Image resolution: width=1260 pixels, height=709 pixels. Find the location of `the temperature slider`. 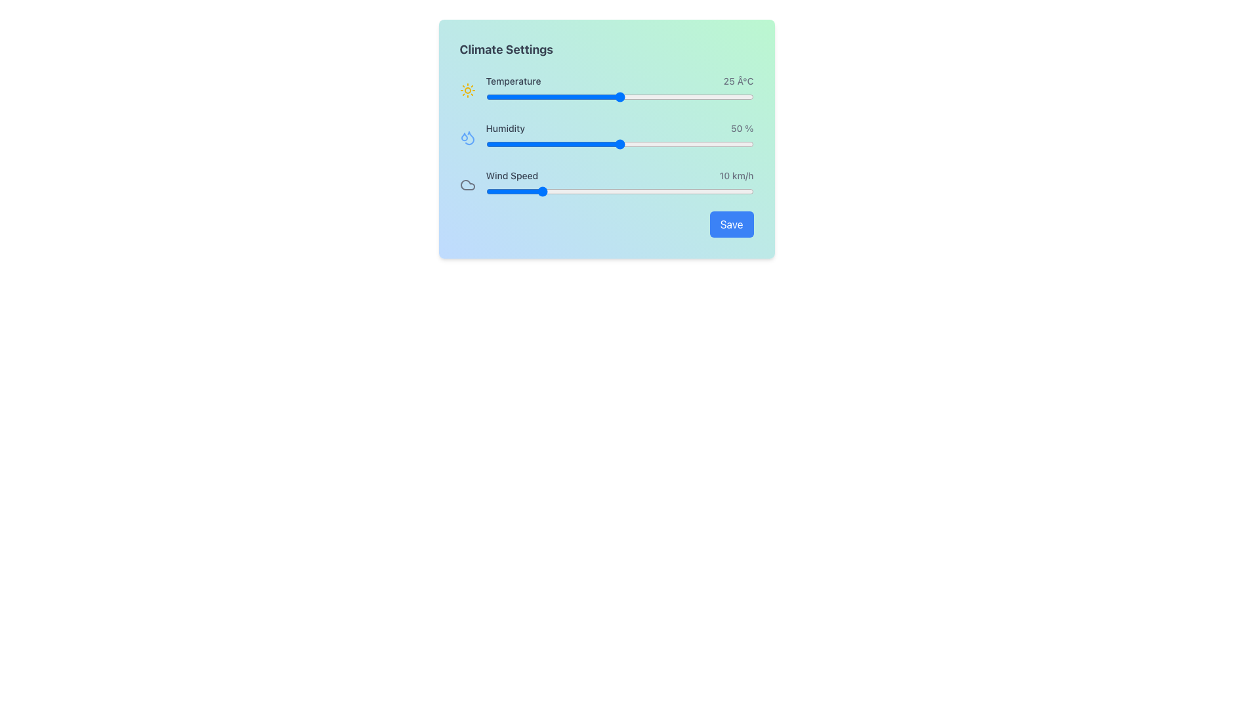

the temperature slider is located at coordinates (517, 96).